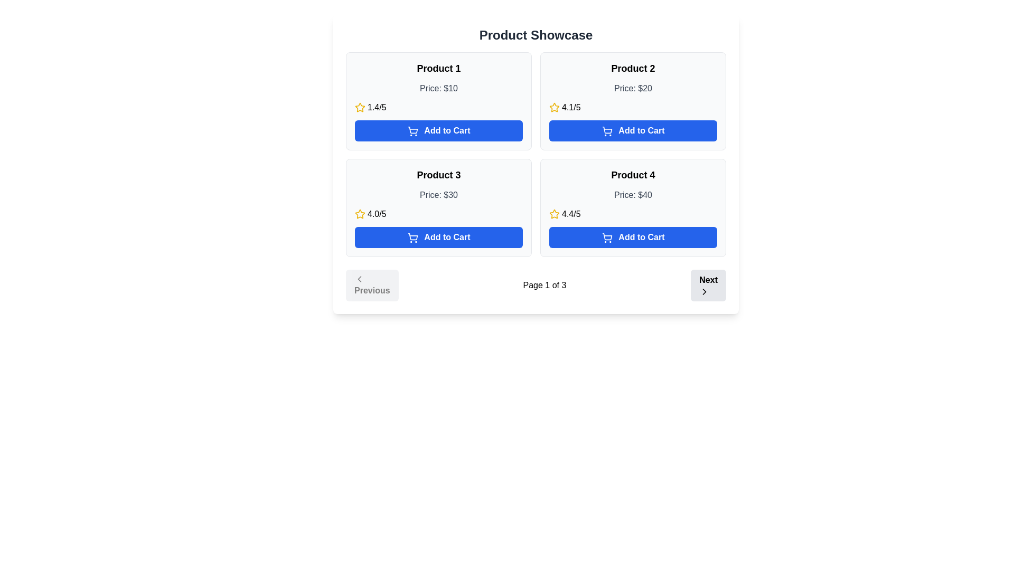 The width and height of the screenshot is (1014, 570). Describe the element at coordinates (570, 214) in the screenshot. I see `the rating text displaying '4.4 out of 5' located in the bottom-right corner of the 'Product 4' box, adjacent to the yellow star icon` at that location.